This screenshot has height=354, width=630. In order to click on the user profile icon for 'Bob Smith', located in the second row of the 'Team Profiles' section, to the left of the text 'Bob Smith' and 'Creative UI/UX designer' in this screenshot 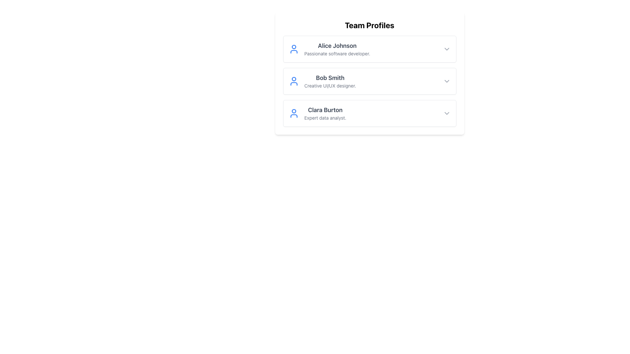, I will do `click(293, 81)`.